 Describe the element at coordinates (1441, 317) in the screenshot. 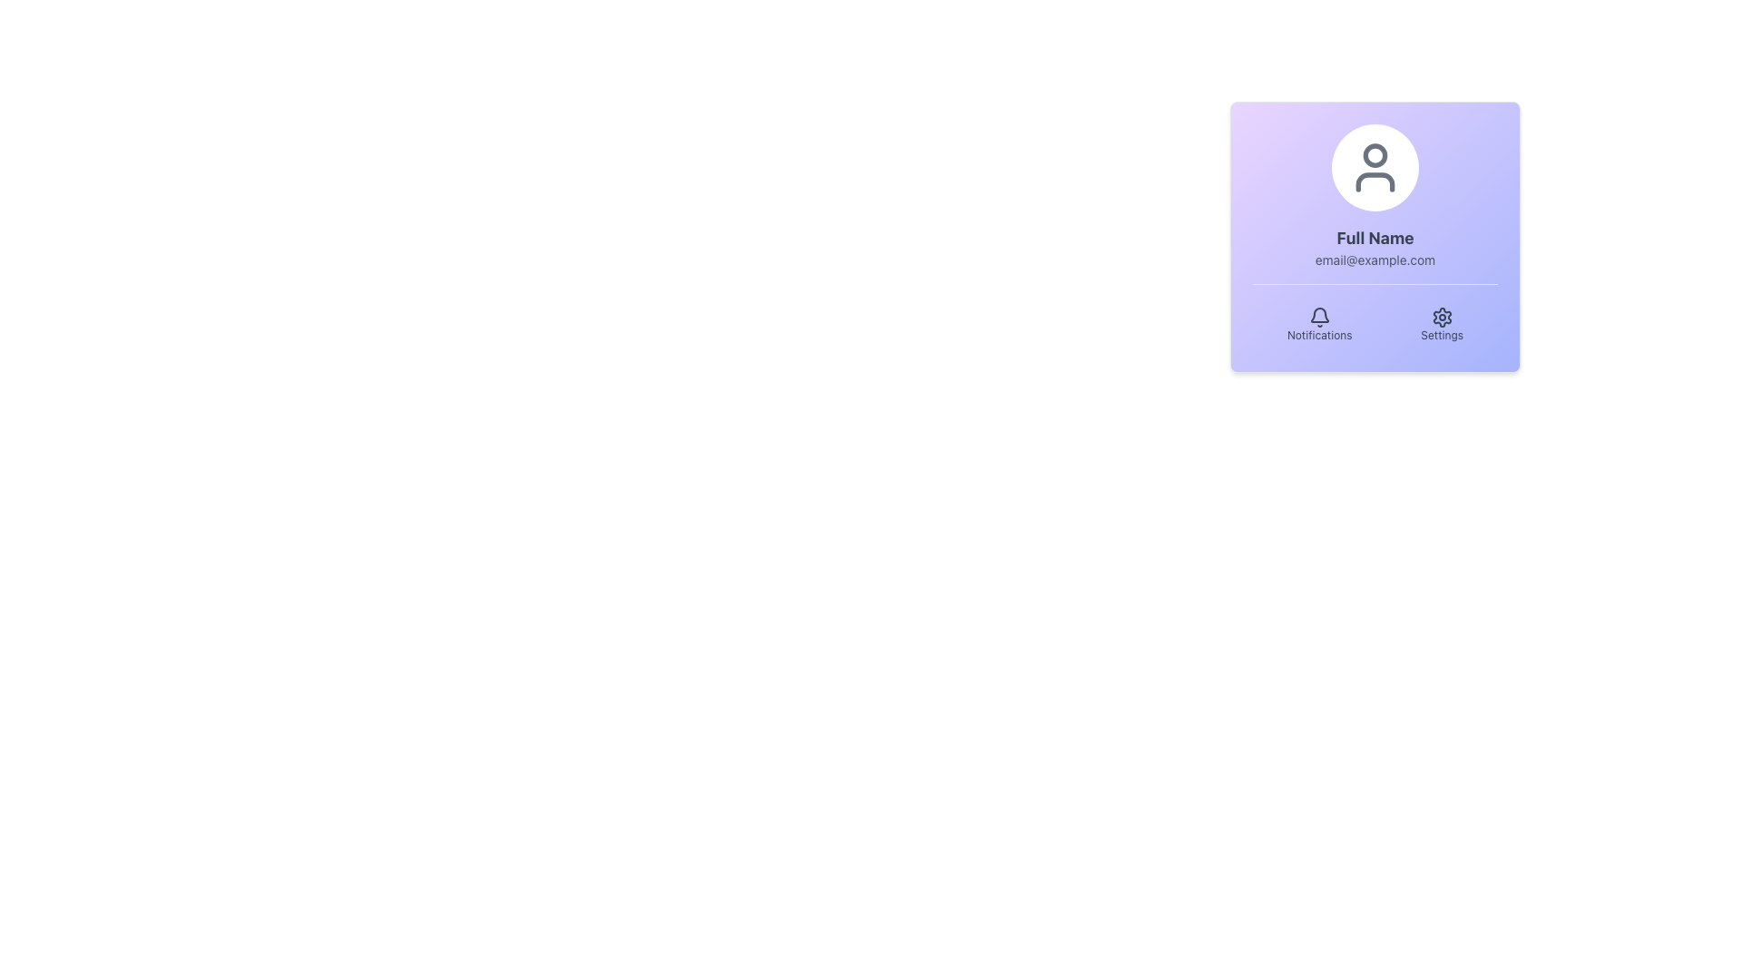

I see `the gear-shaped icon located at the bottom-right corner of the card interface` at that location.